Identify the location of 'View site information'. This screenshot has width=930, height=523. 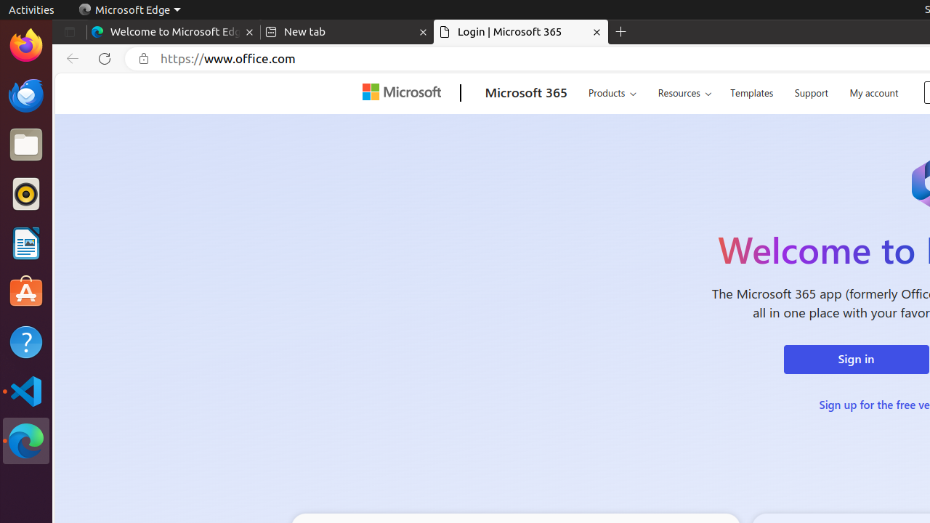
(144, 58).